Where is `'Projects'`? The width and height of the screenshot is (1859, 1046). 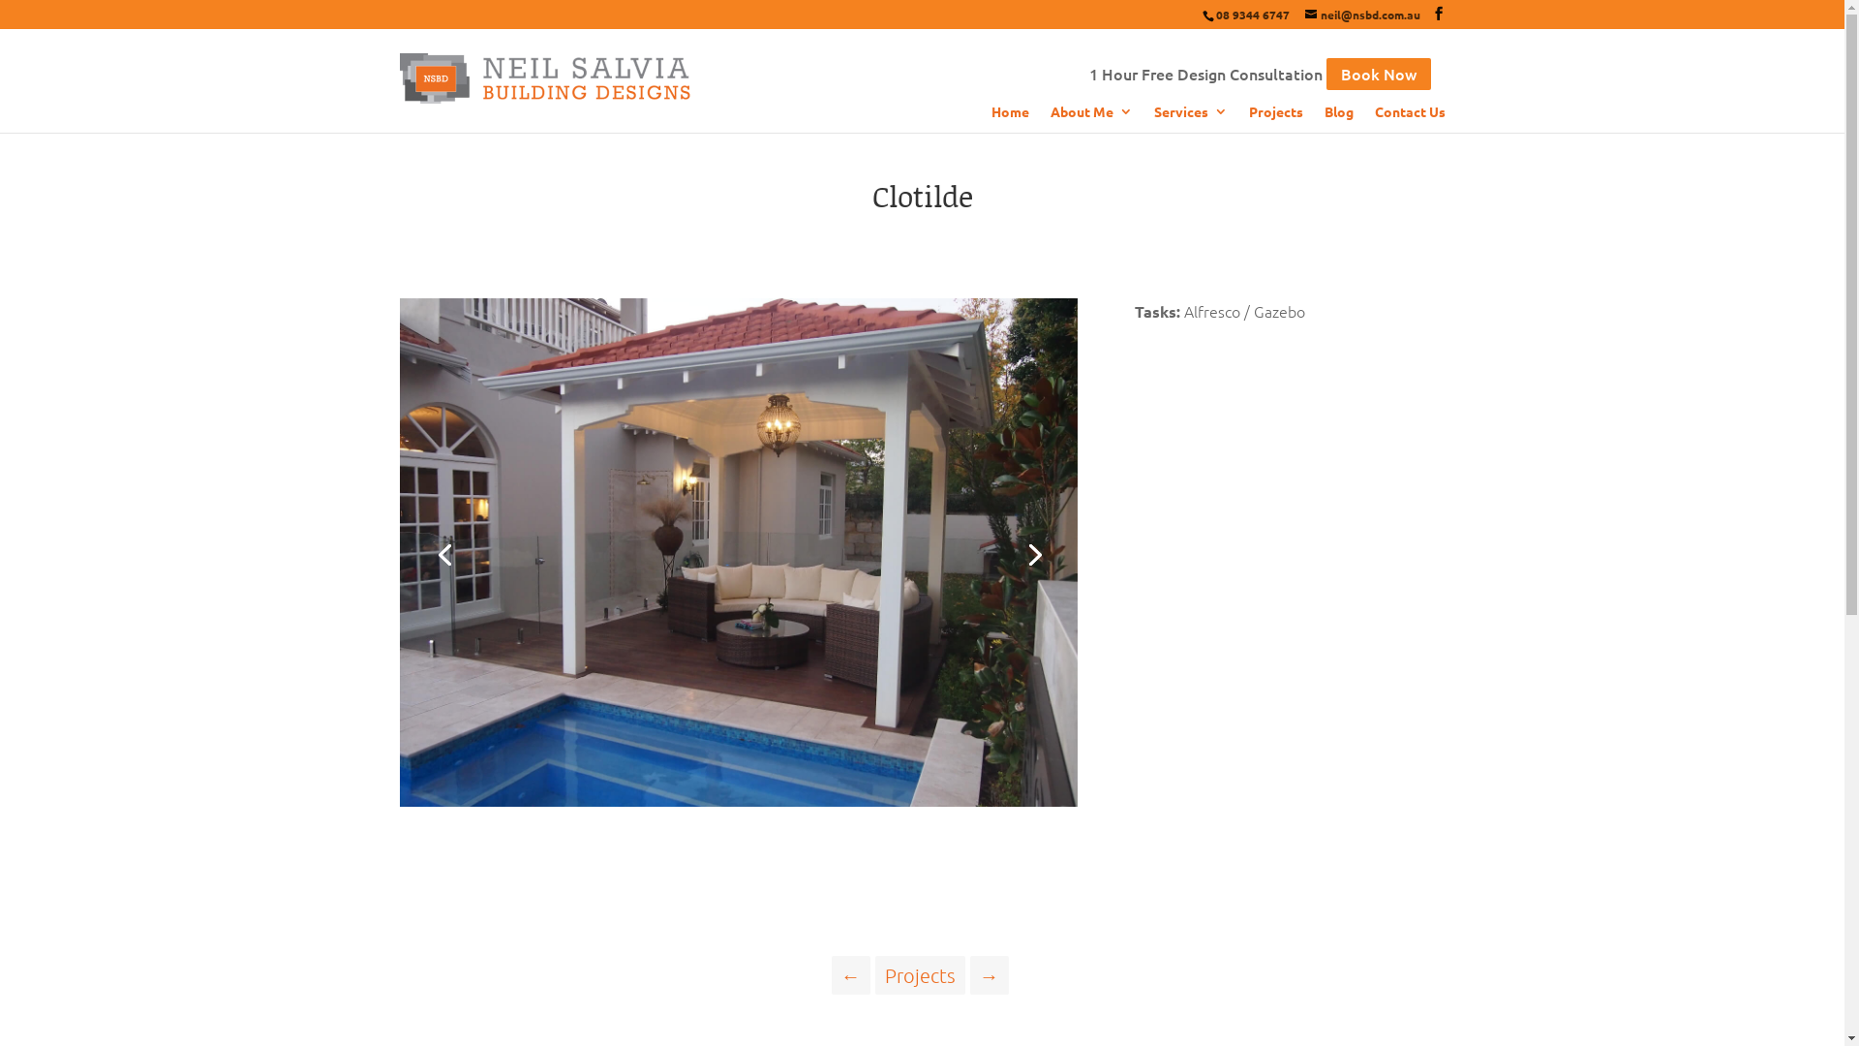 'Projects' is located at coordinates (873, 974).